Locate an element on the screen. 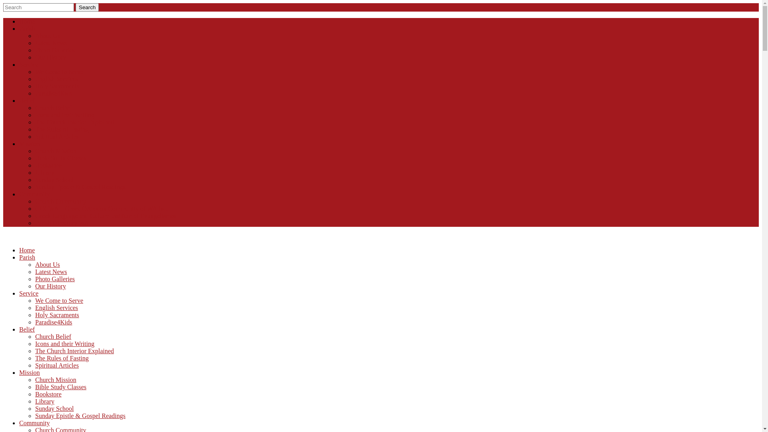 Image resolution: width=768 pixels, height=432 pixels. 'Sunday Epistle & Gospel Readings' is located at coordinates (80, 415).